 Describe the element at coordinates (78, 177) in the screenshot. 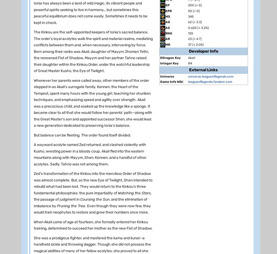

I see `'225/450/645'` at that location.